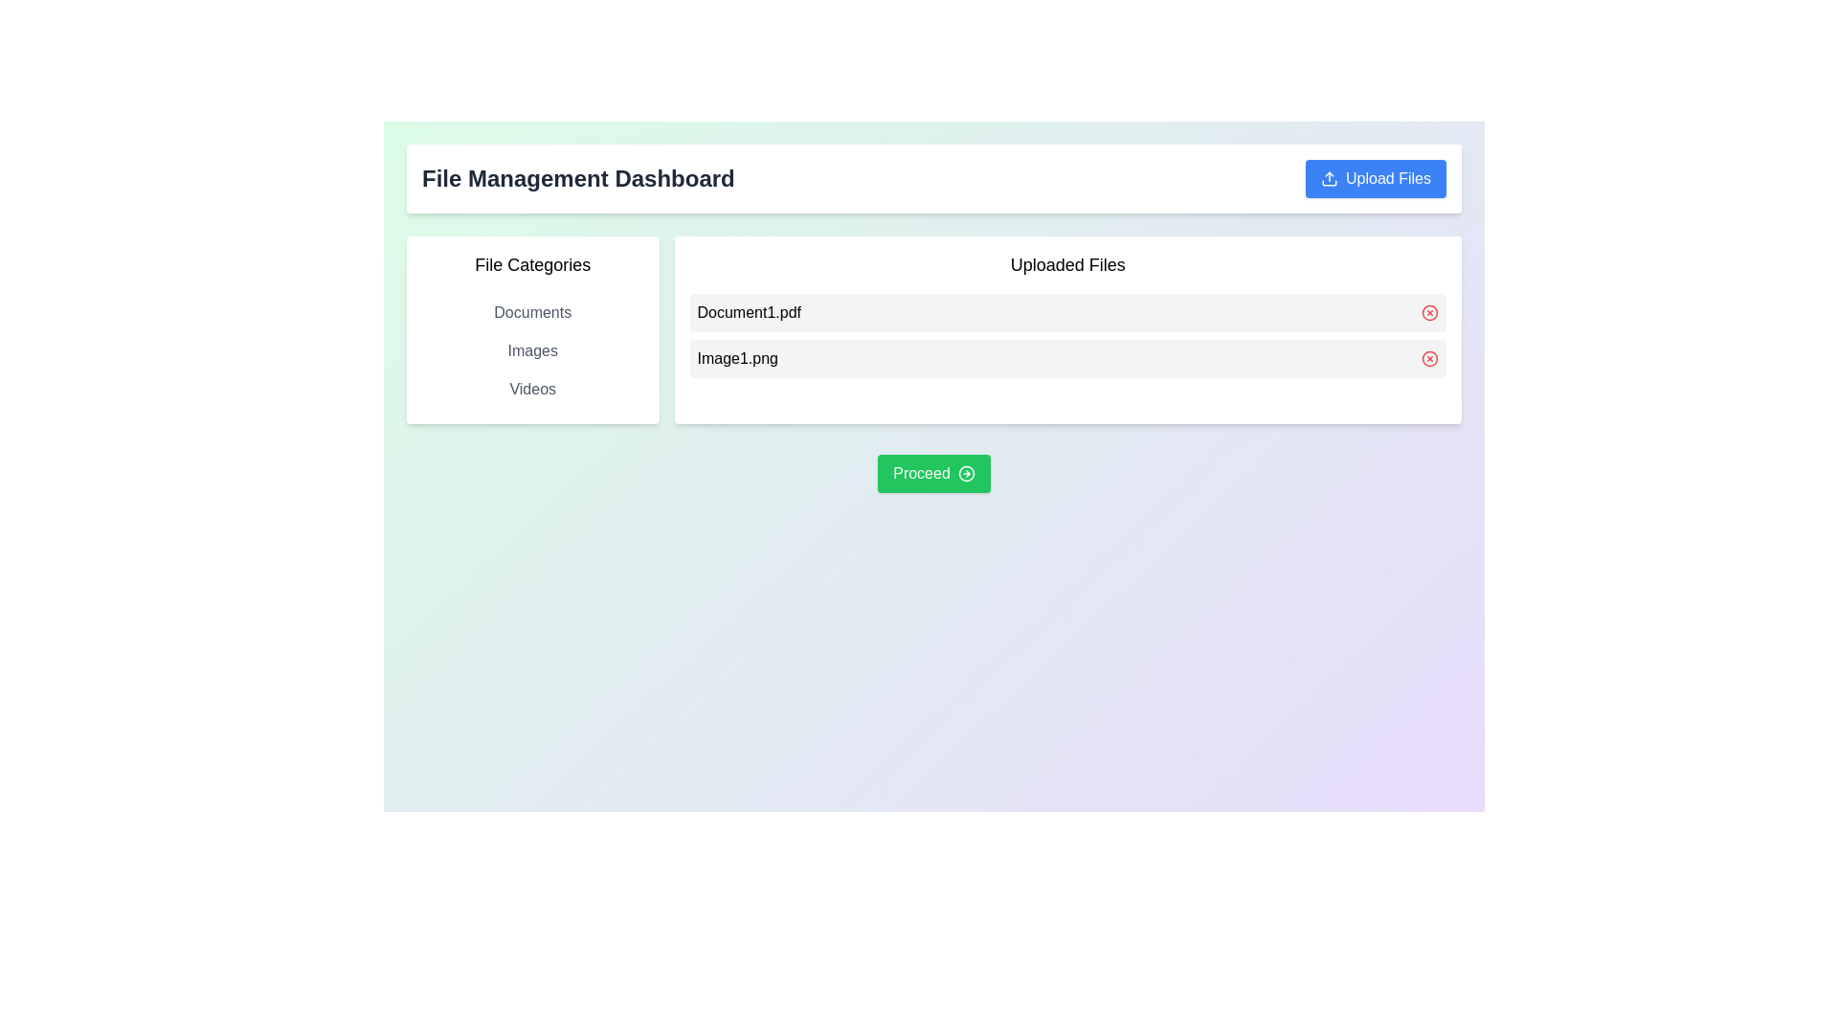  I want to click on the circular arrow icon located to the right of the 'Proceed' text within the 'Proceed' button, so click(966, 473).